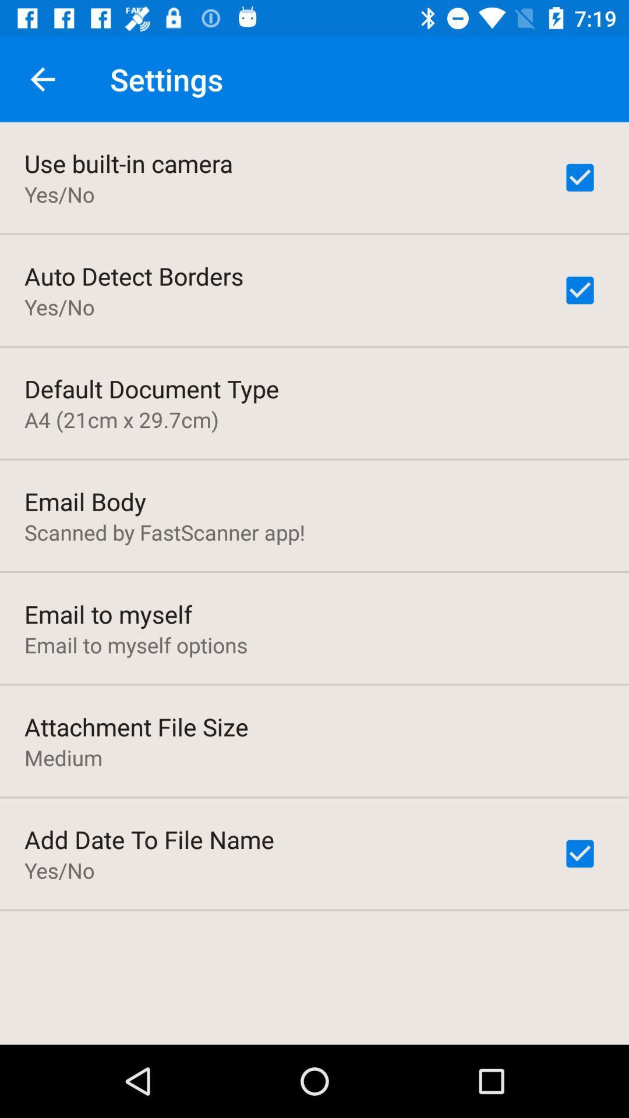 Image resolution: width=629 pixels, height=1118 pixels. I want to click on the a4 21cm x item, so click(121, 419).